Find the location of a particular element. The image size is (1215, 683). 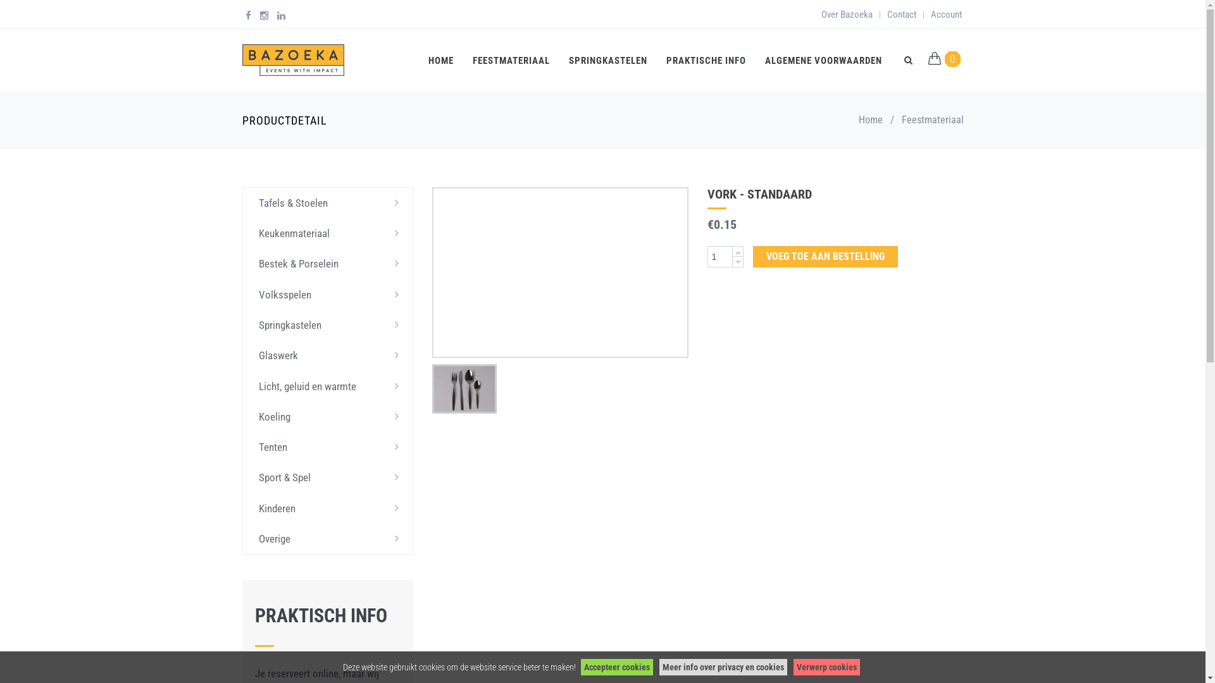

'Verwerp cookies' is located at coordinates (826, 667).